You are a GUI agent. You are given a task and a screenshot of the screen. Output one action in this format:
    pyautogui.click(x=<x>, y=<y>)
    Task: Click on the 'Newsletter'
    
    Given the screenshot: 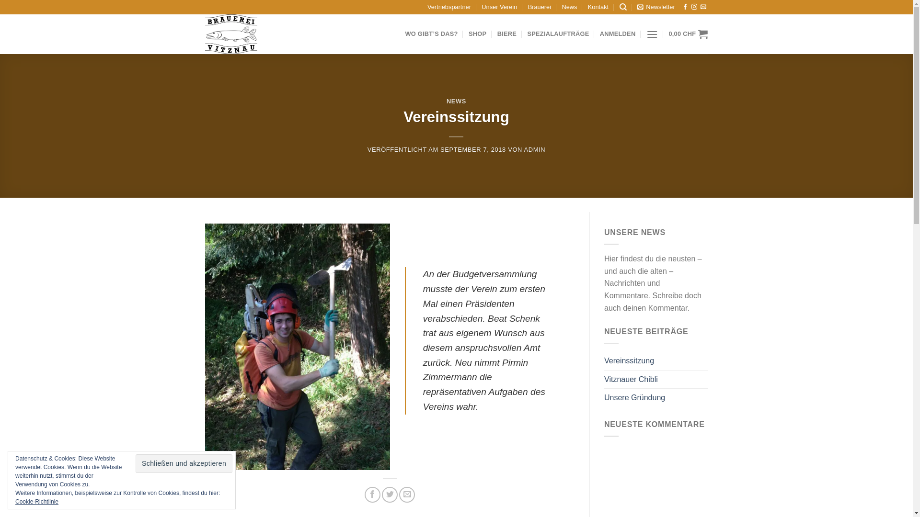 What is the action you would take?
    pyautogui.click(x=655, y=7)
    